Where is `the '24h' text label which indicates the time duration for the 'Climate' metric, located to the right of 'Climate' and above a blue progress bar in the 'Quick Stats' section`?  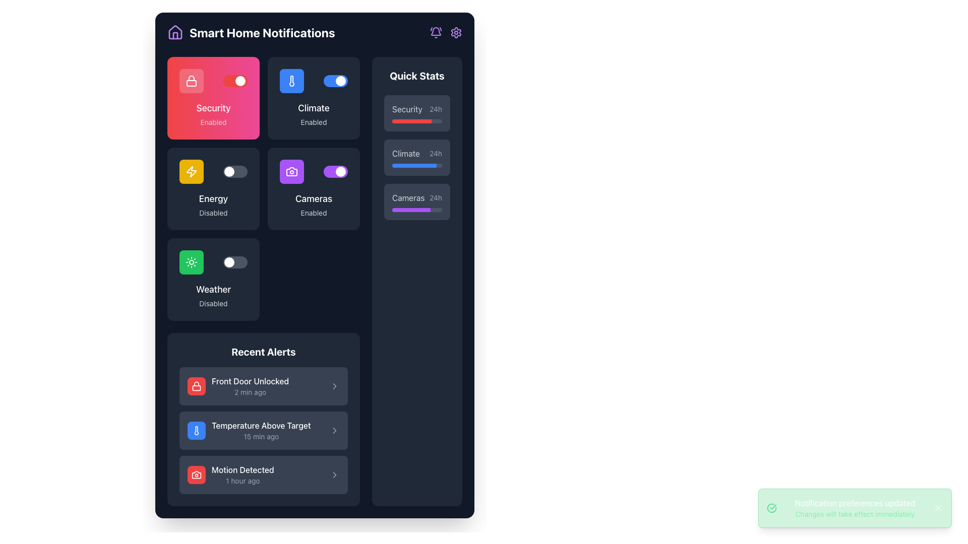
the '24h' text label which indicates the time duration for the 'Climate' metric, located to the right of 'Climate' and above a blue progress bar in the 'Quick Stats' section is located at coordinates (436, 153).